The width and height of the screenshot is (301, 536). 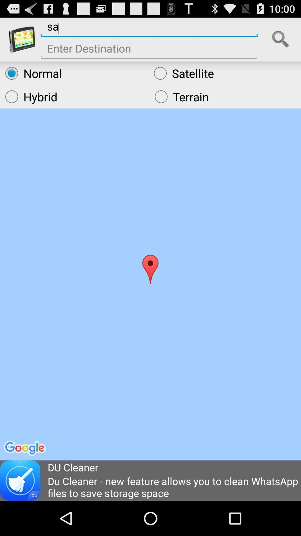 I want to click on search, so click(x=280, y=39).